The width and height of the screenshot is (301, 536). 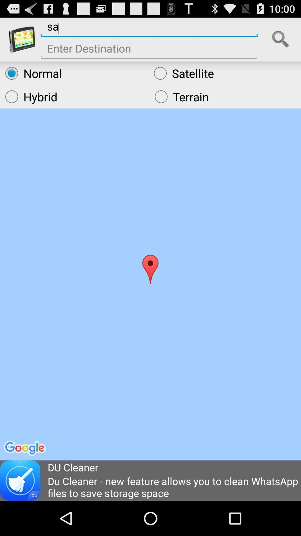 I want to click on search, so click(x=280, y=39).